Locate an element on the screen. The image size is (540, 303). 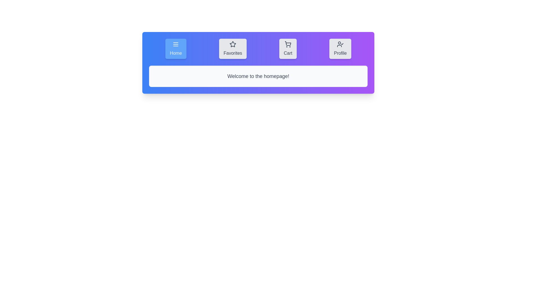
the star-shaped 'Favorites' icon in the navigation bar is located at coordinates (233, 44).